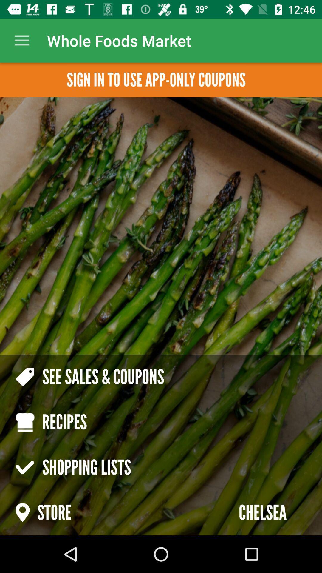 The width and height of the screenshot is (322, 573). Describe the element at coordinates (156, 79) in the screenshot. I see `sign in to` at that location.